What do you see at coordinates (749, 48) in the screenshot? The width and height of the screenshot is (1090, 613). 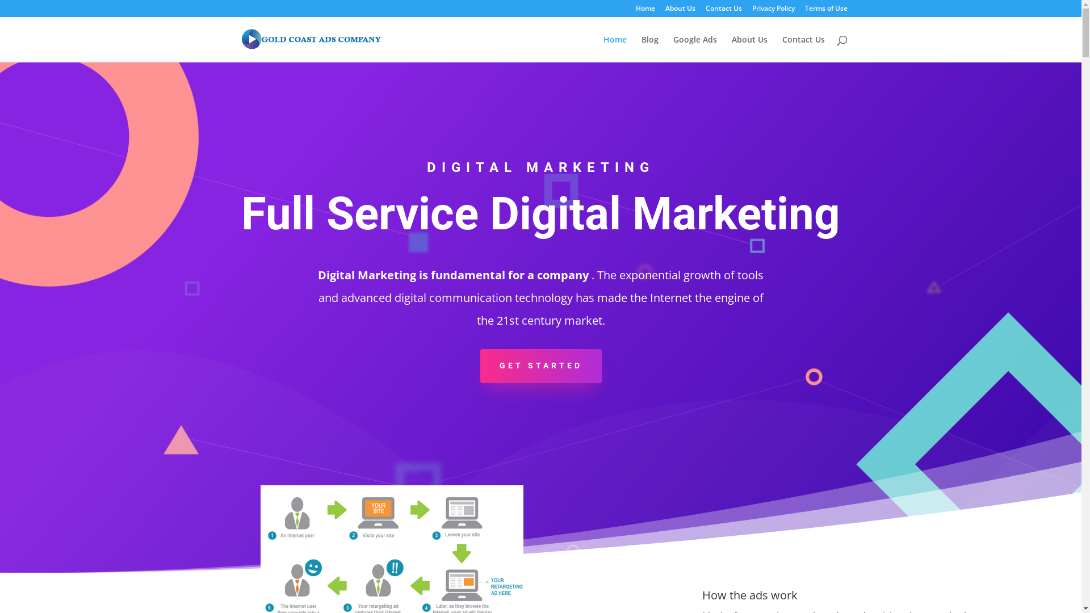 I see `'About Us'` at bounding box center [749, 48].